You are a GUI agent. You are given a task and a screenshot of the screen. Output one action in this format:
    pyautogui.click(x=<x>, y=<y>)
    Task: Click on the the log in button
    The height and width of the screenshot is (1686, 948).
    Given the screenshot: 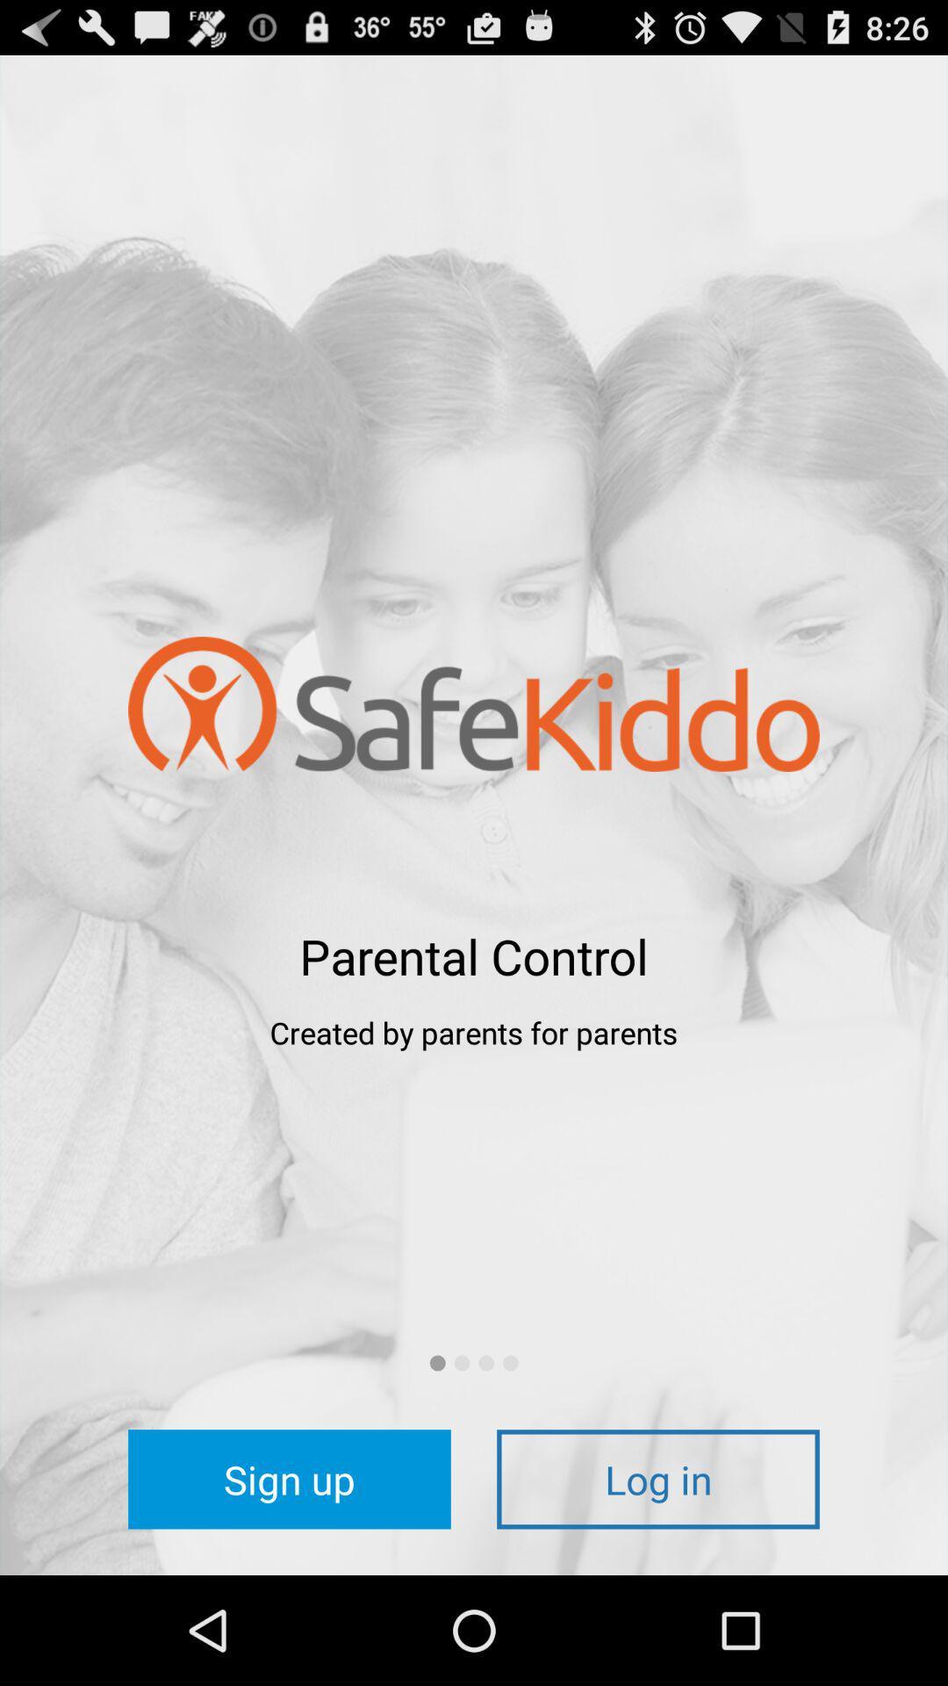 What is the action you would take?
    pyautogui.click(x=657, y=1478)
    